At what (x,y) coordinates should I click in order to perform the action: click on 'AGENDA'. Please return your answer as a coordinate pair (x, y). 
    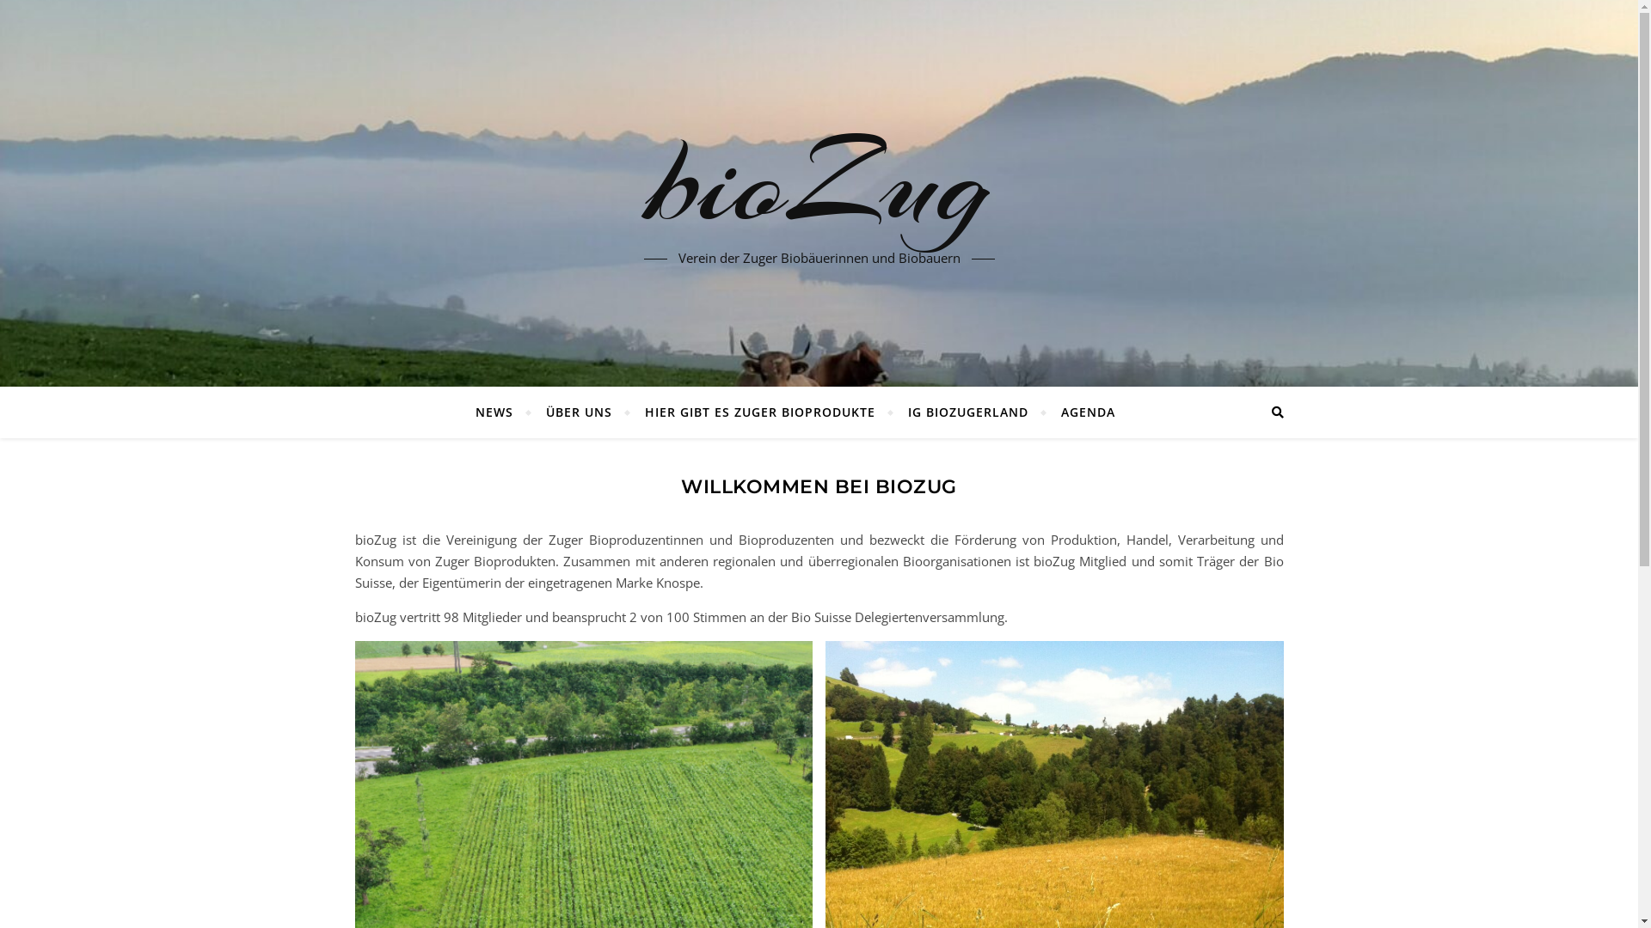
    Looking at the image, I should click on (1080, 412).